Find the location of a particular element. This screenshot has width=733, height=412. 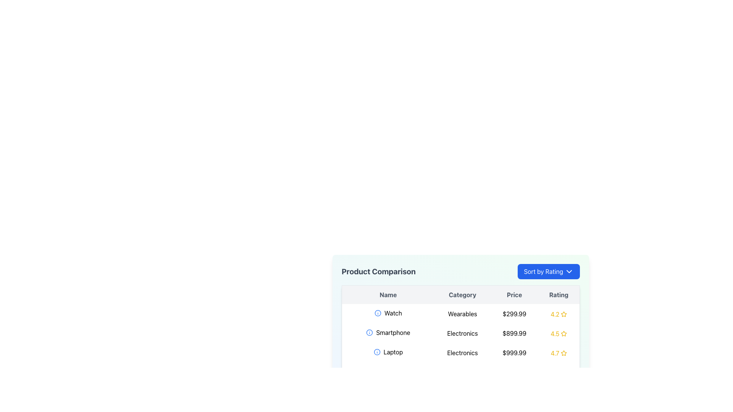

the text label displaying 'Laptop' is located at coordinates (388, 352).